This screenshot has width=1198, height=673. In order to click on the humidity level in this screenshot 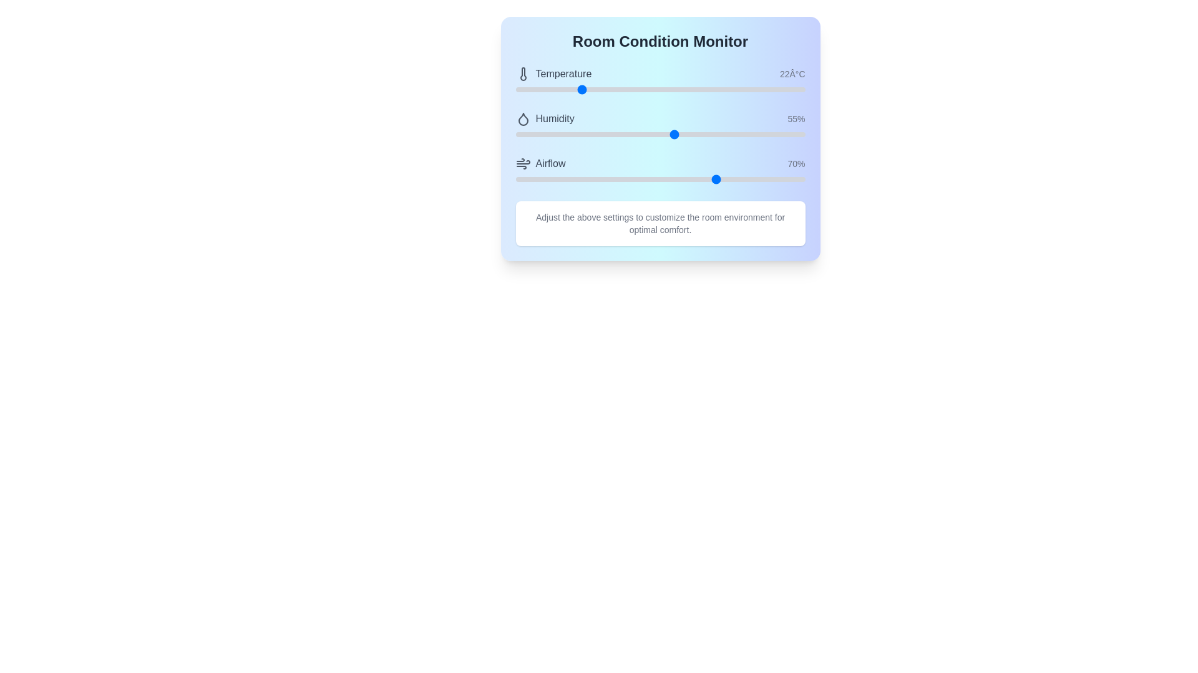, I will do `click(515, 135)`.